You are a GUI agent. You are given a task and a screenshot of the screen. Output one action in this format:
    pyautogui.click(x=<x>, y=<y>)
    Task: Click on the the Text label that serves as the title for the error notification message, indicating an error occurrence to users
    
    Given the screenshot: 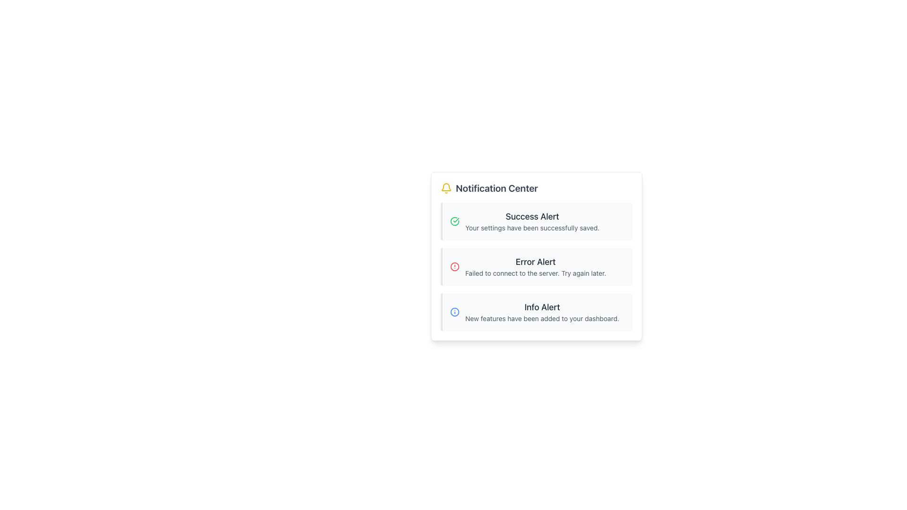 What is the action you would take?
    pyautogui.click(x=536, y=262)
    